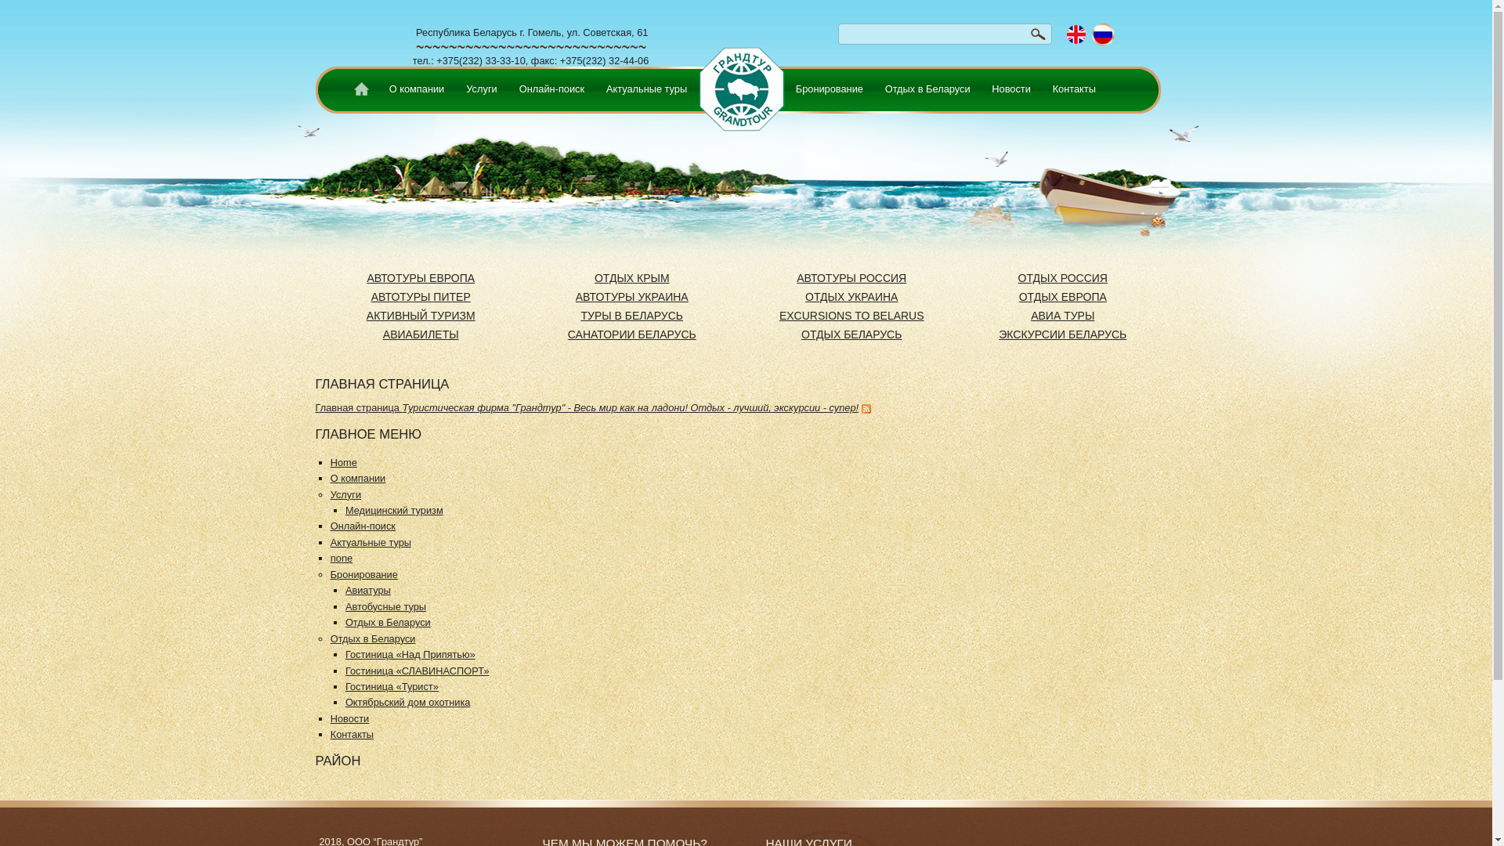 The image size is (1504, 846). What do you see at coordinates (341, 557) in the screenshot?
I see `'none'` at bounding box center [341, 557].